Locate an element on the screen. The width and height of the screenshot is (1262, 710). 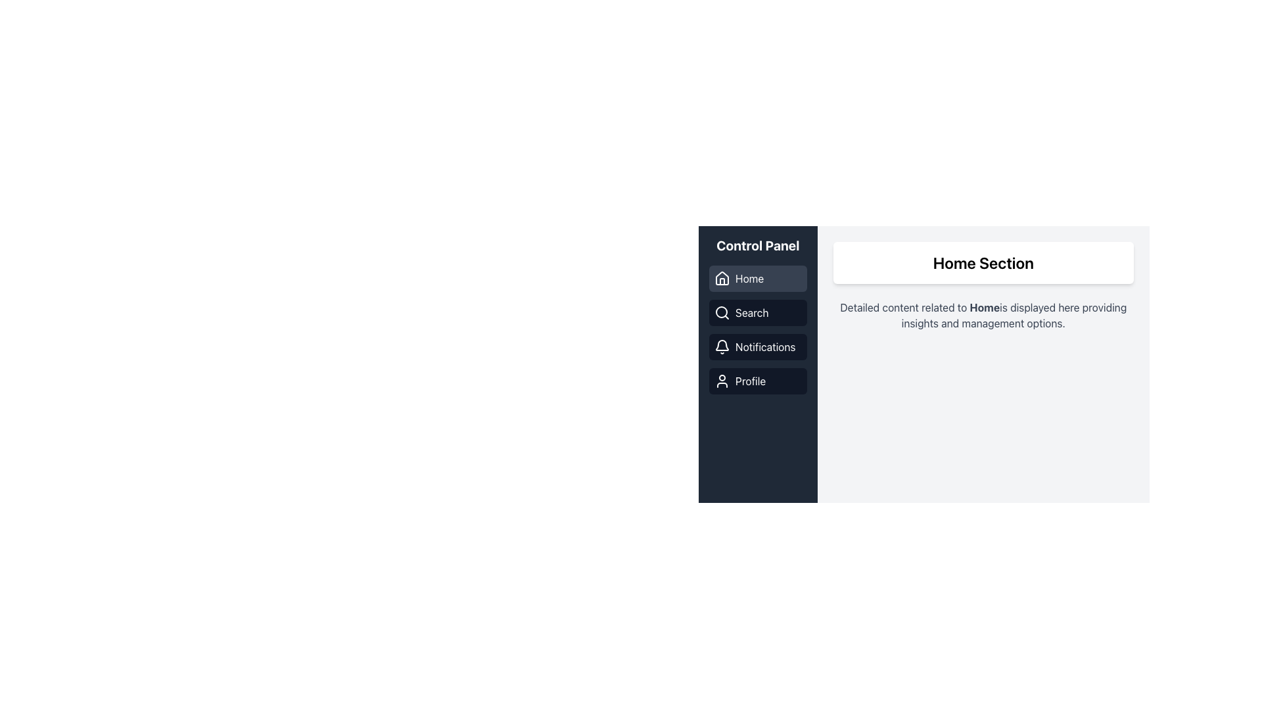
the 'Search' Icon located on the left sidebar, which is the second item in the vertical menu, positioned to the left of the text label 'Search' is located at coordinates (722, 312).